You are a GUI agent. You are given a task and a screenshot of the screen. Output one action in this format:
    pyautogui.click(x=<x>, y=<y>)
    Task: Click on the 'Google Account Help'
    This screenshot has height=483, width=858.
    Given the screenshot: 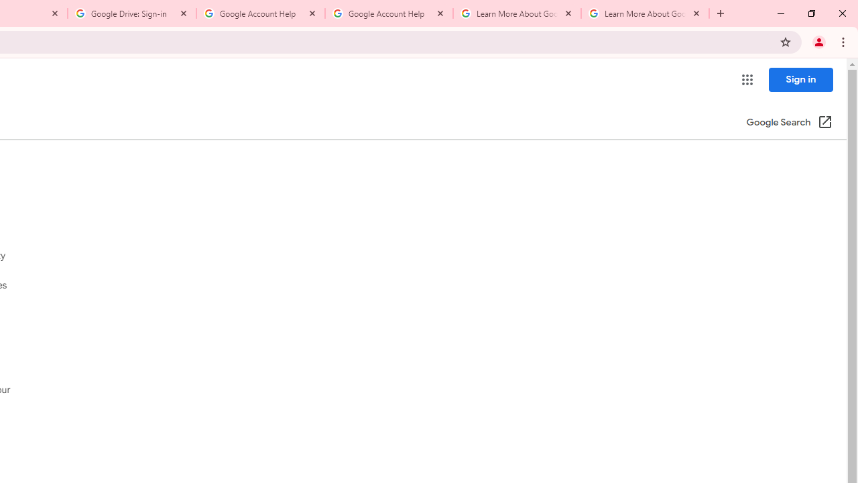 What is the action you would take?
    pyautogui.click(x=388, y=13)
    